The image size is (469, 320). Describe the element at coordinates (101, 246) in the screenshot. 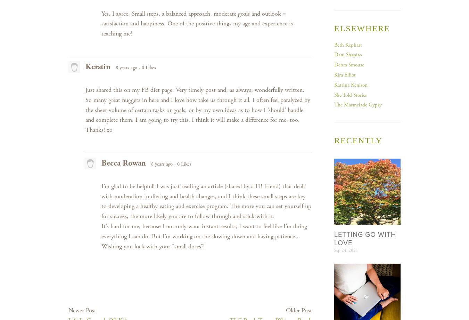

I see `'Wishing you luck with your "small doses”!'` at that location.